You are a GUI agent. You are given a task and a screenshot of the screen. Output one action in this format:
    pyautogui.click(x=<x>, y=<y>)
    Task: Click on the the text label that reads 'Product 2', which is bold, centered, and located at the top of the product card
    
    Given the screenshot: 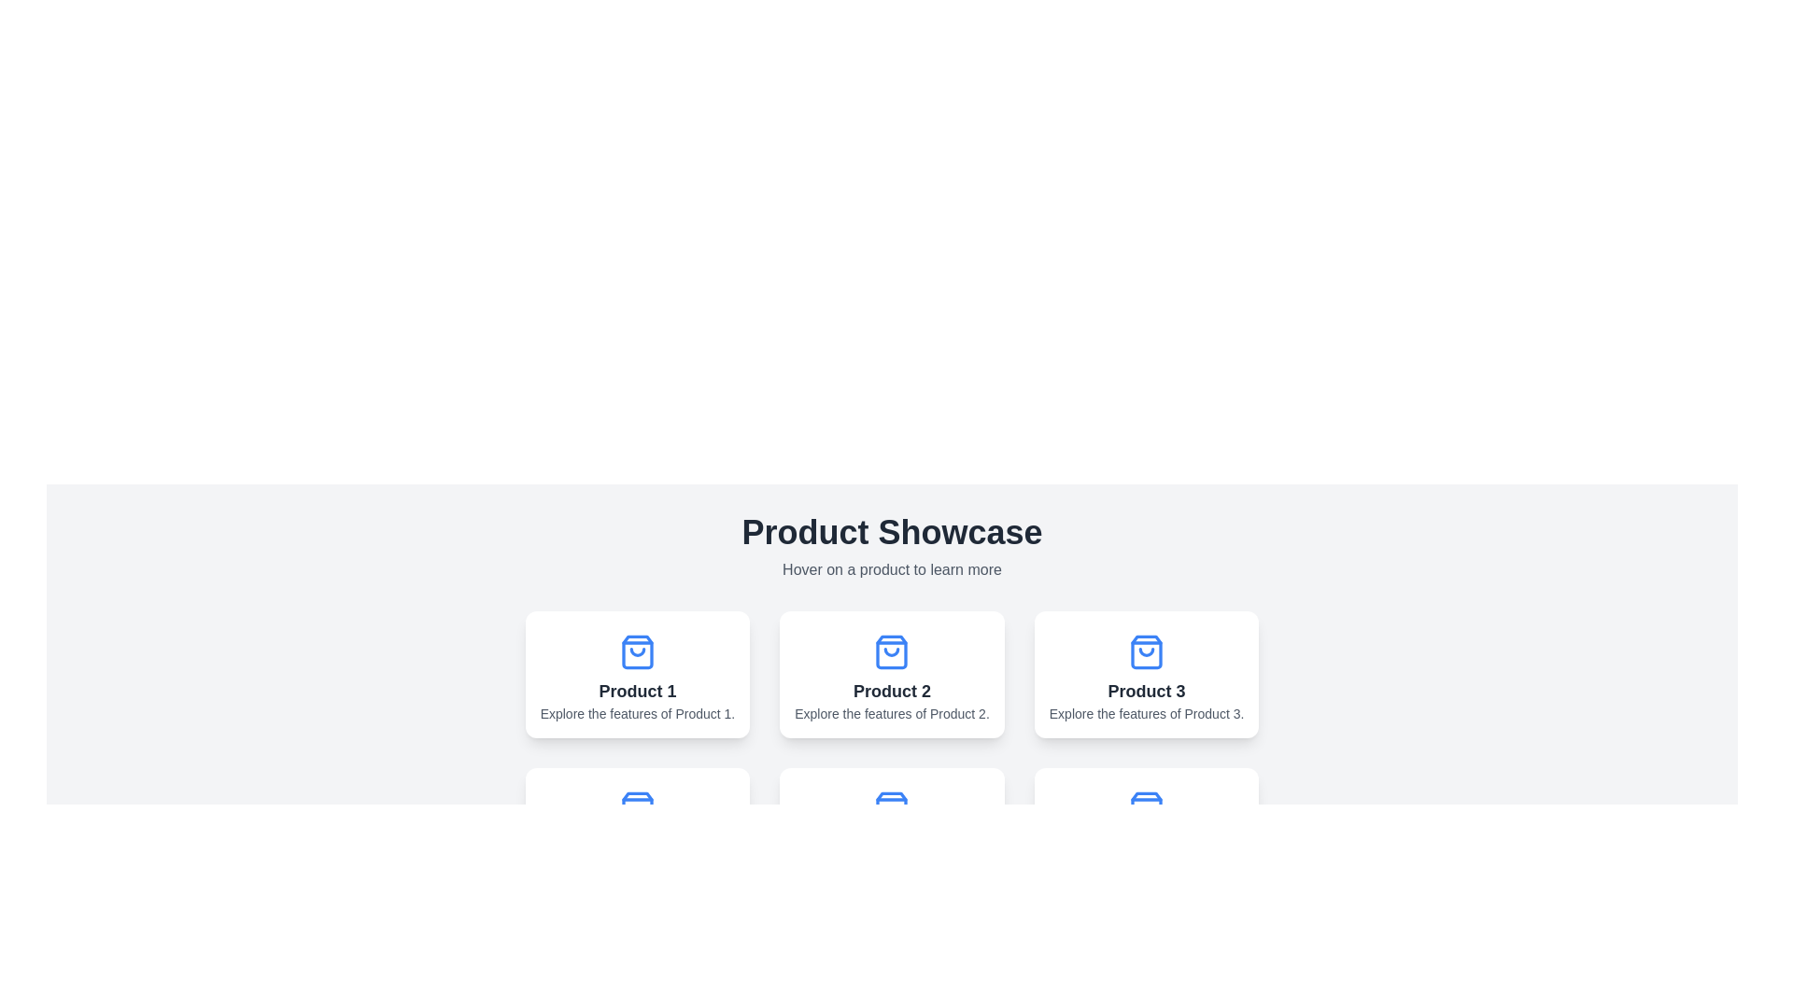 What is the action you would take?
    pyautogui.click(x=891, y=691)
    